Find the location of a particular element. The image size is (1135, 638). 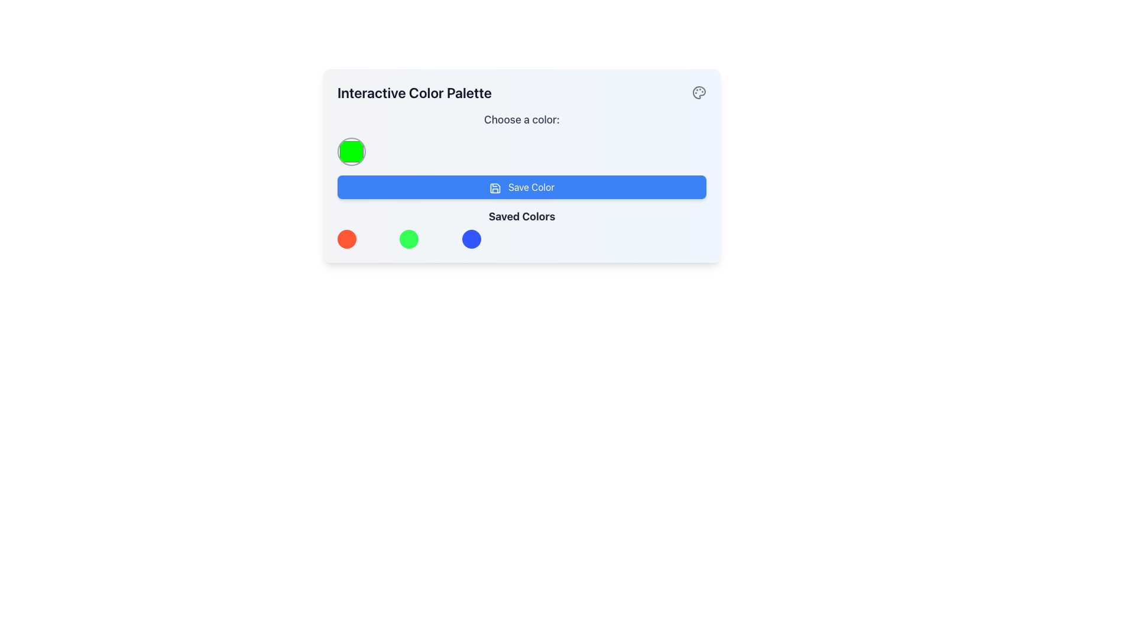

to select a color in the Interactive Color Palette module, specifically targeting the circular color input button that displays a green color is located at coordinates (521, 166).